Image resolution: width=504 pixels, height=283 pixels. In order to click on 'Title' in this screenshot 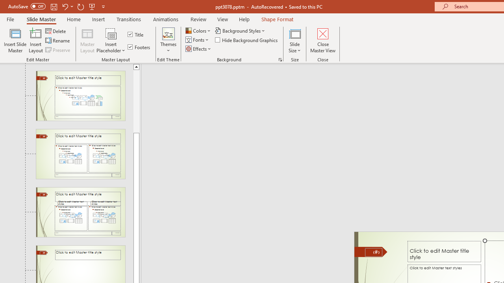, I will do `click(136, 34)`.